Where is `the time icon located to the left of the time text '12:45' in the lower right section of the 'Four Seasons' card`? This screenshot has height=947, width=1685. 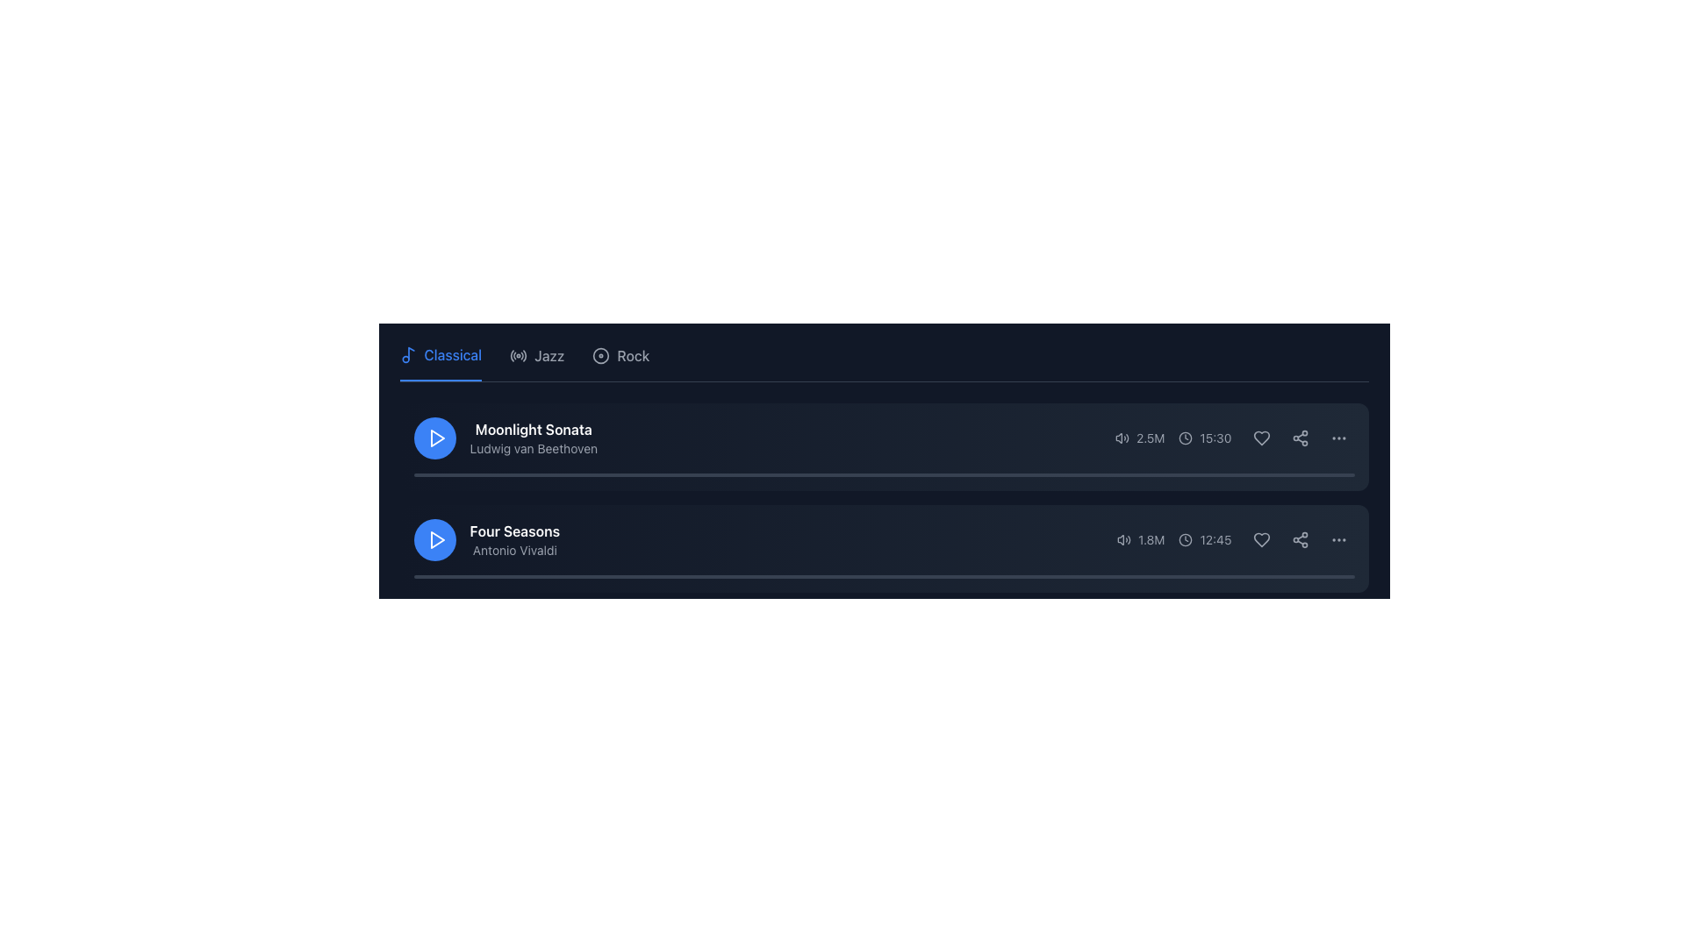
the time icon located to the left of the time text '12:45' in the lower right section of the 'Four Seasons' card is located at coordinates (1186, 539).